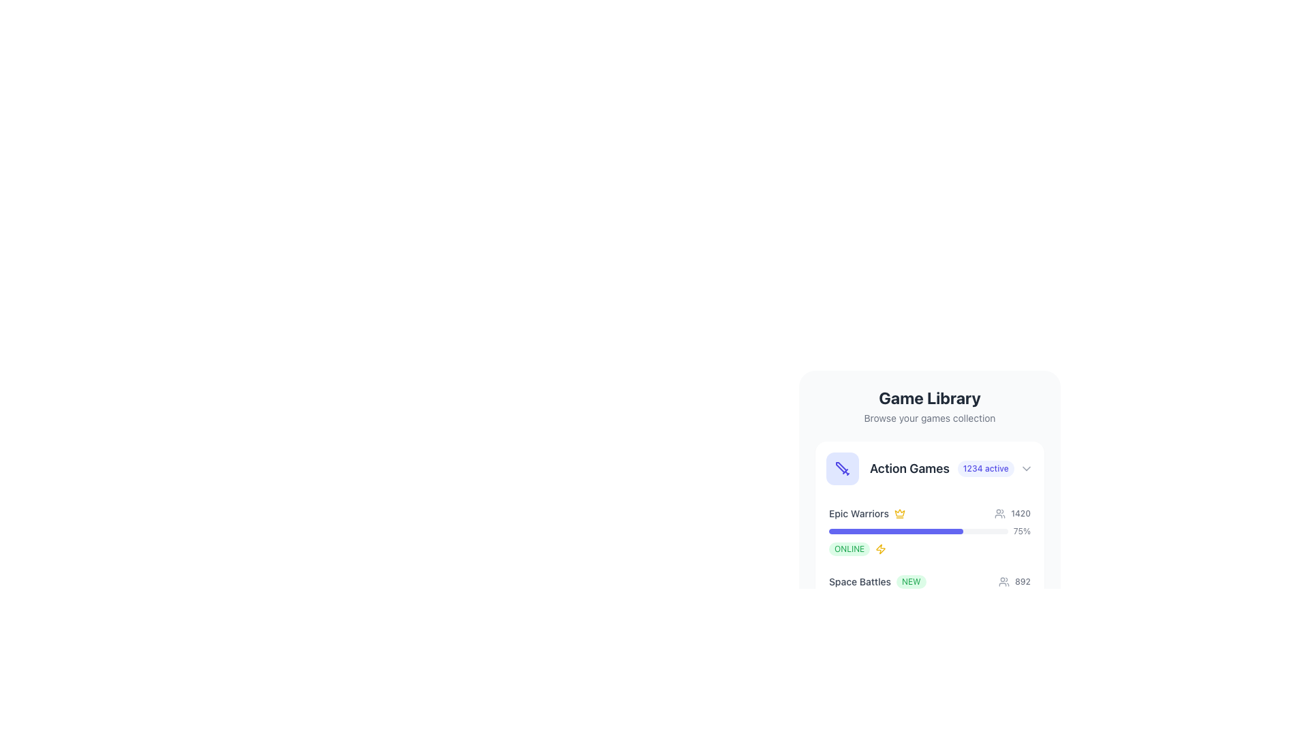 The height and width of the screenshot is (736, 1308). Describe the element at coordinates (859, 581) in the screenshot. I see `text displayed on the Text Label that says 'Space Battles', located at the bottom of the 'Action Games' section in the 'Game Library' interface` at that location.